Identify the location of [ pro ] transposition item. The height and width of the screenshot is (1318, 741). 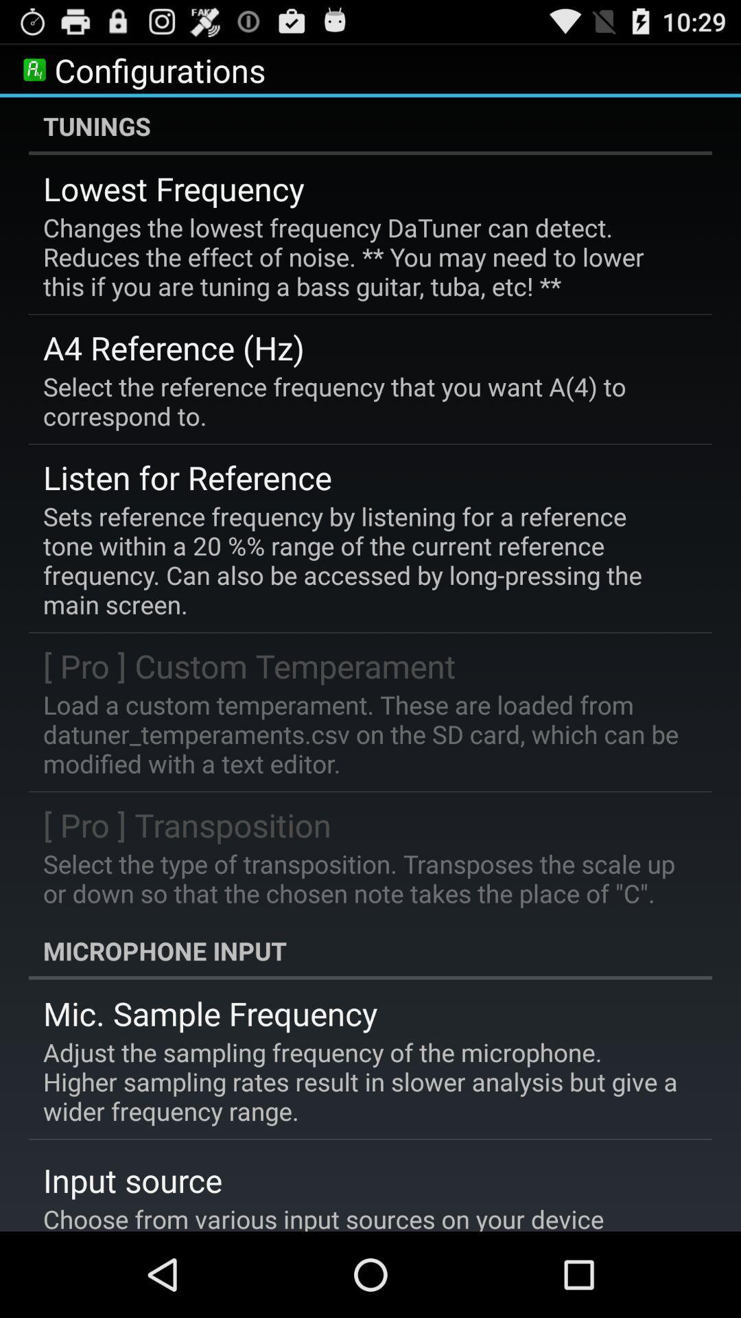
(187, 824).